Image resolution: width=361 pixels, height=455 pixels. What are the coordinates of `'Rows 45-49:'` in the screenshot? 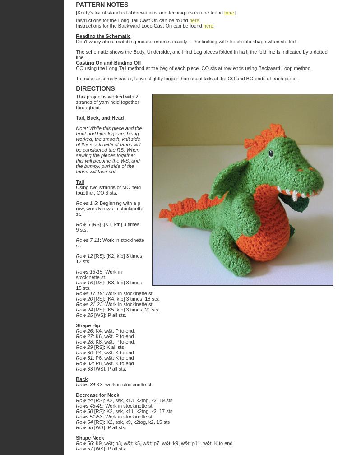 It's located at (90, 406).